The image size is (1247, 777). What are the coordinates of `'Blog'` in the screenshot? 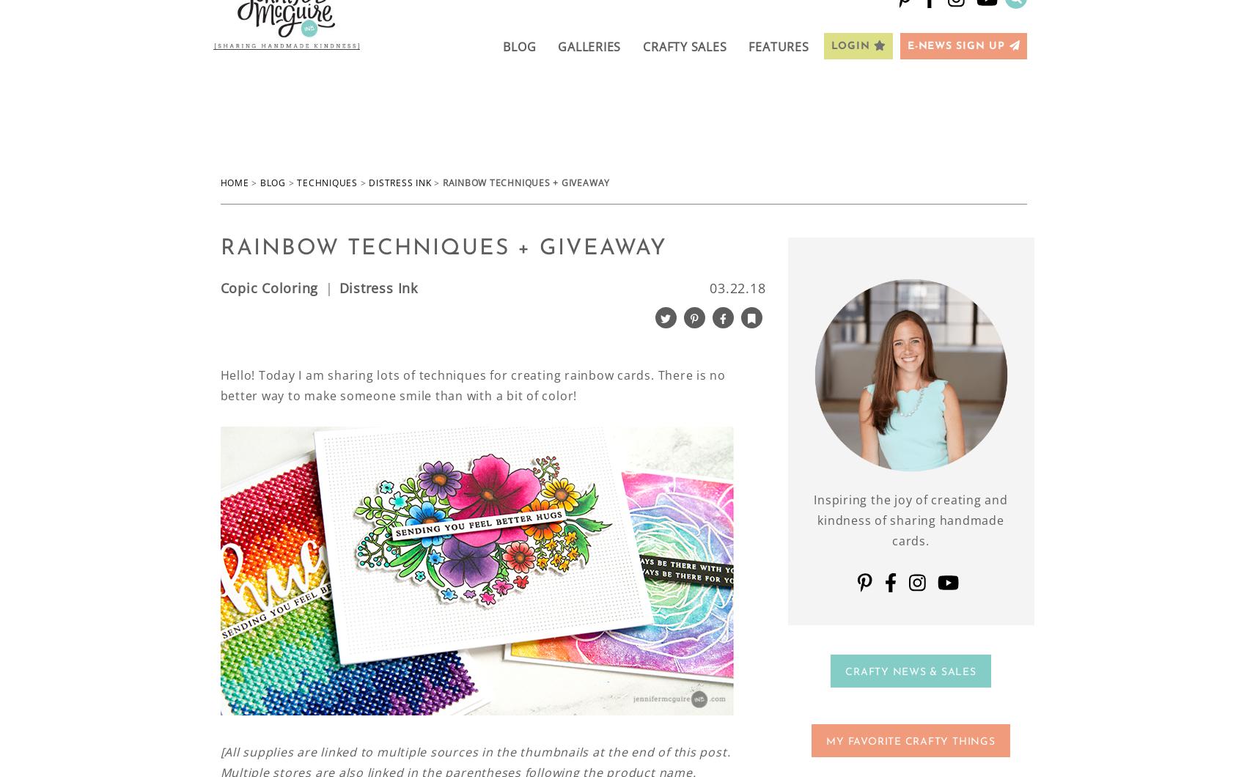 It's located at (271, 182).